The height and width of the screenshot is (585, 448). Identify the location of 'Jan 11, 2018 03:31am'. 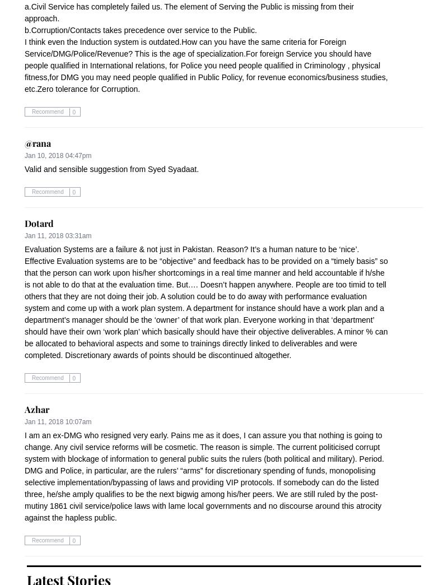
(57, 235).